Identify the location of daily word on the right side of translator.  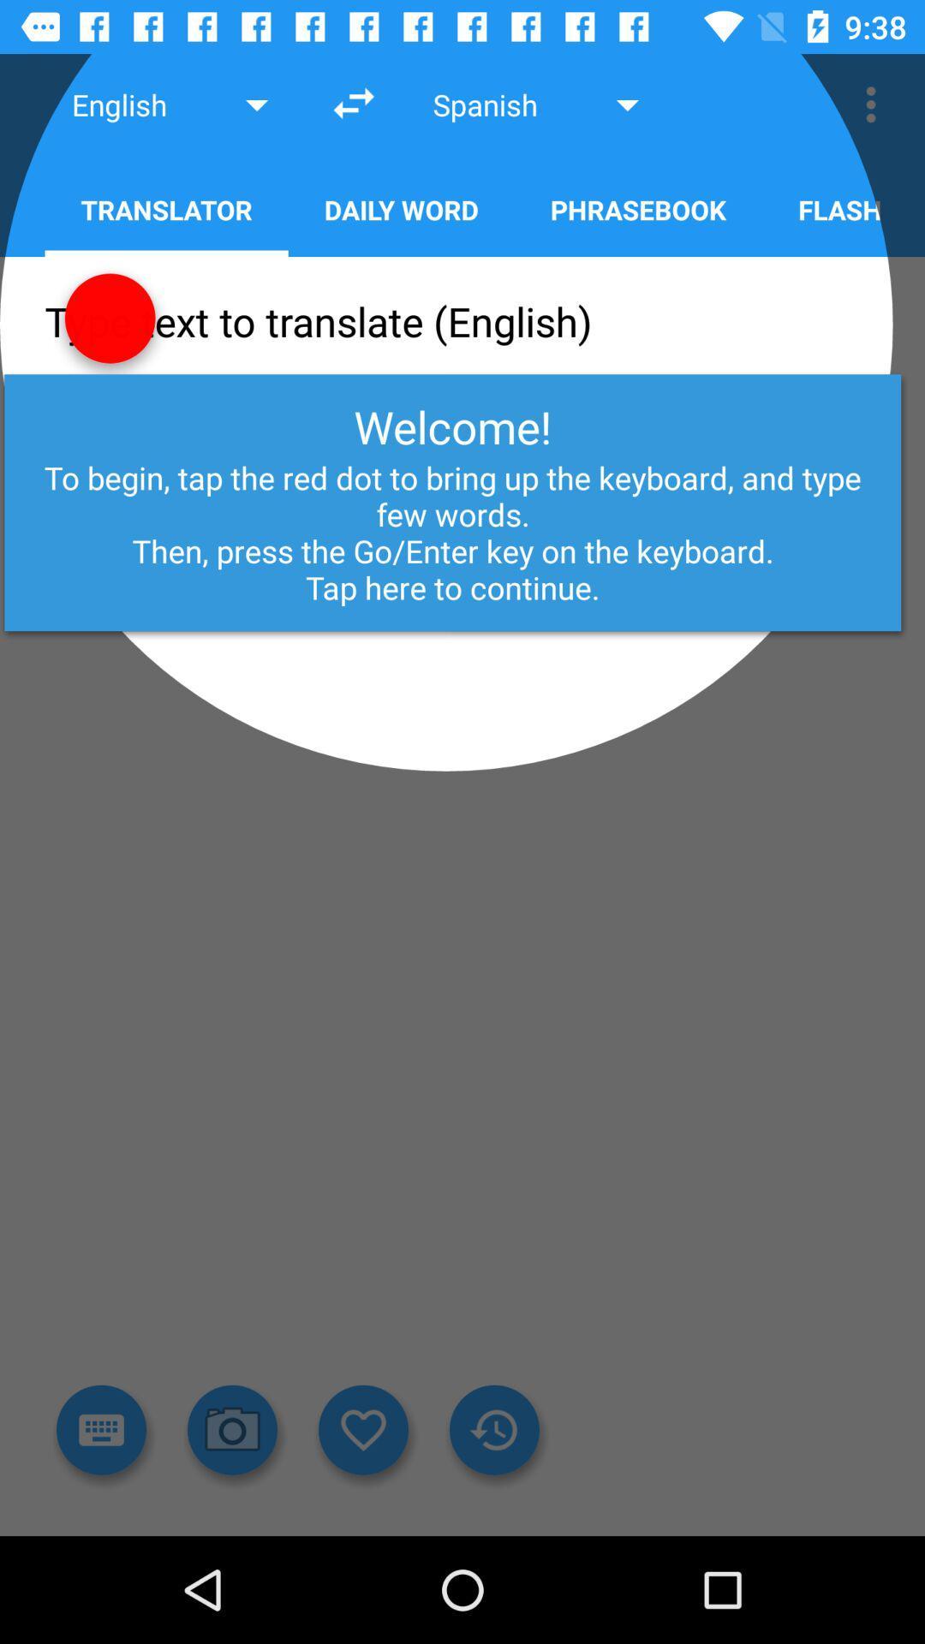
(402, 205).